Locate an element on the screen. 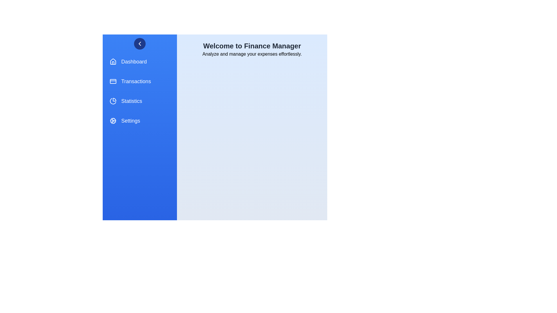 The width and height of the screenshot is (557, 313). the menu item Settings from the FinanceDrawer component is located at coordinates (140, 120).